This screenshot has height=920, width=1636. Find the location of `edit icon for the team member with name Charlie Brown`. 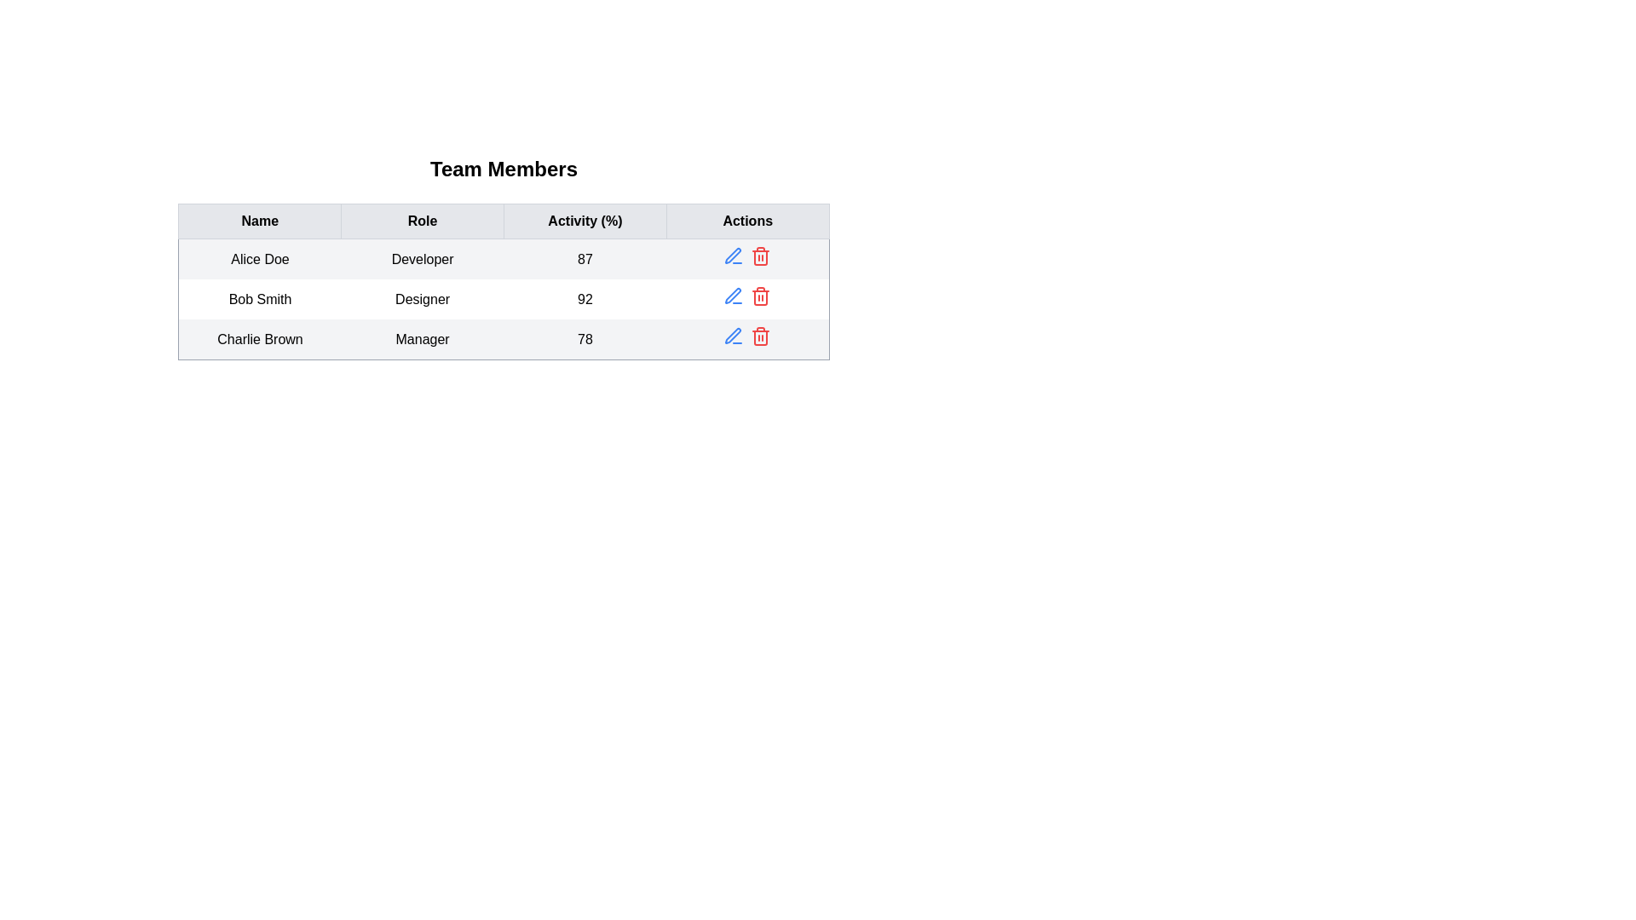

edit icon for the team member with name Charlie Brown is located at coordinates (734, 336).